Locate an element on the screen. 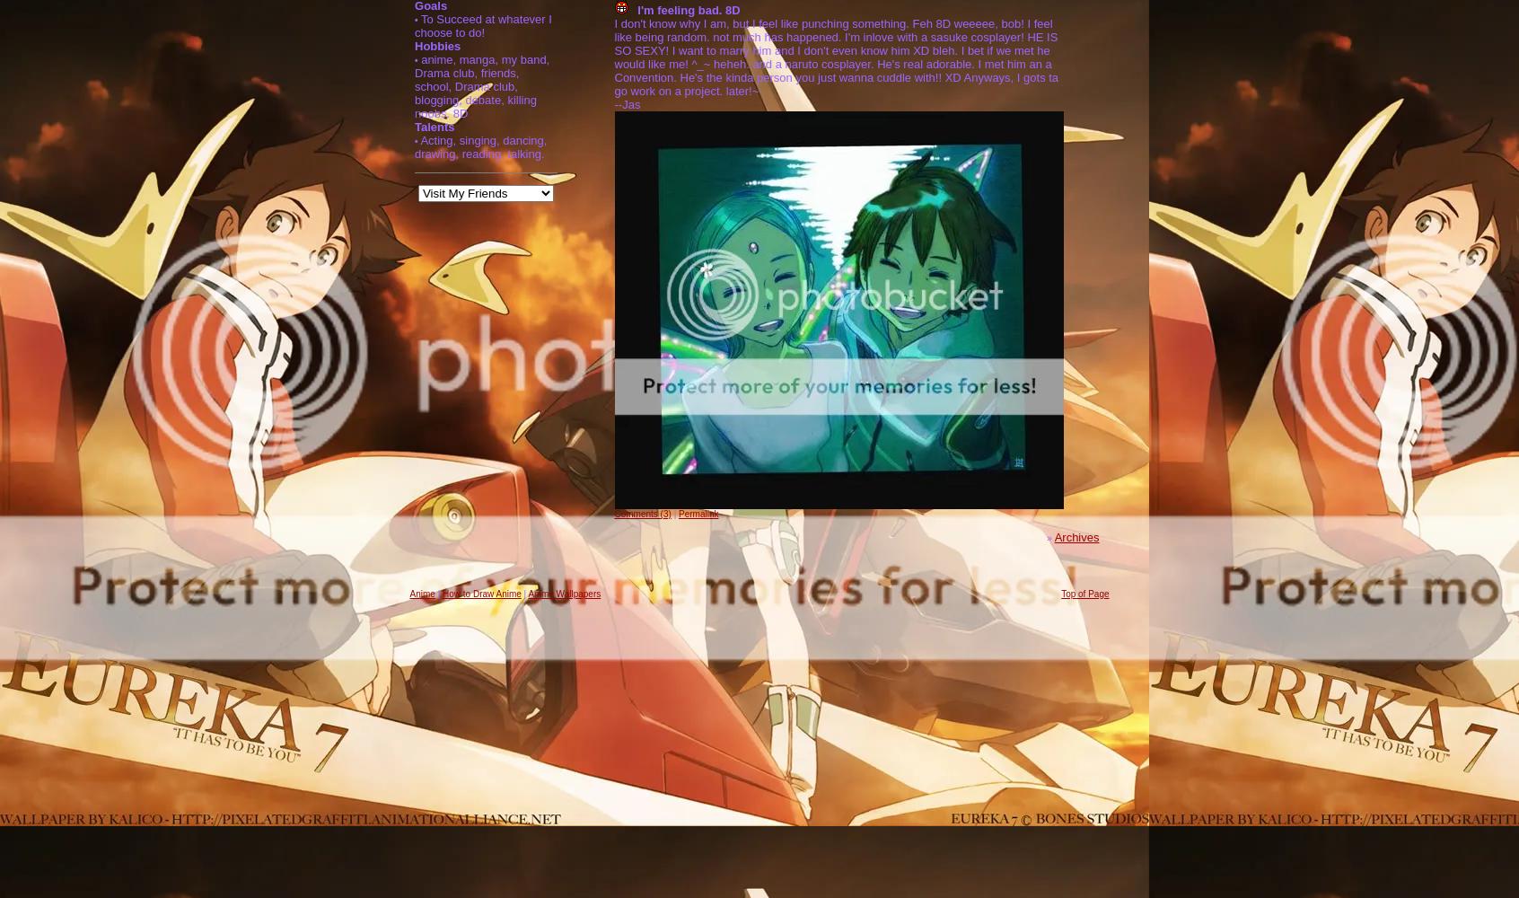 The width and height of the screenshot is (1519, 898). 'I'm feeling bad. 8D' is located at coordinates (685, 10).